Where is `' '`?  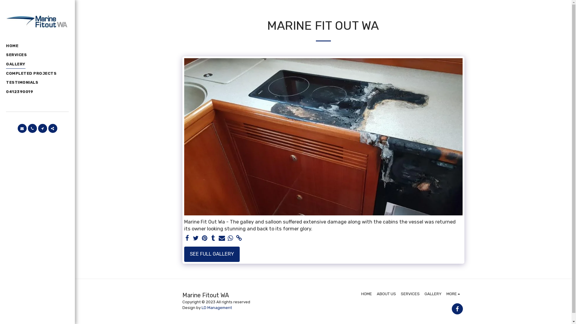 ' ' is located at coordinates (31, 128).